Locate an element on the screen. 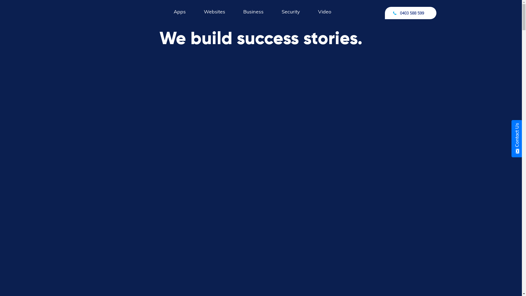 The height and width of the screenshot is (296, 526). 'Business' is located at coordinates (243, 16).